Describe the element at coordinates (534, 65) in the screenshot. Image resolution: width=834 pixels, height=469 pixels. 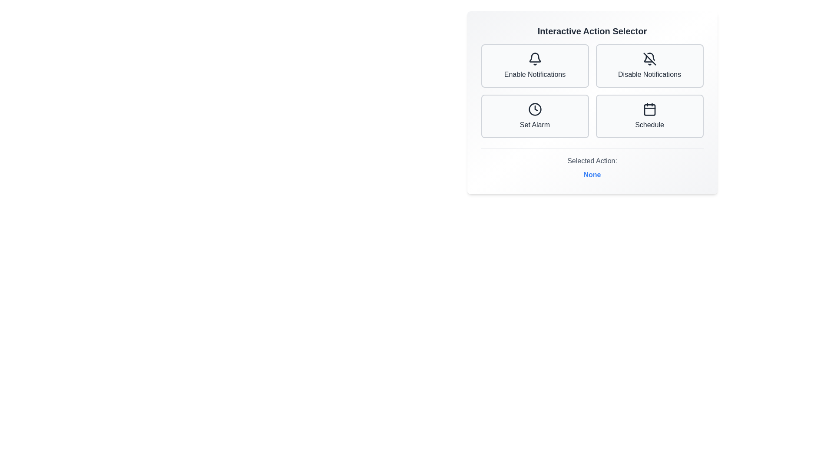
I see `the button corresponding to Enable Notifications` at that location.